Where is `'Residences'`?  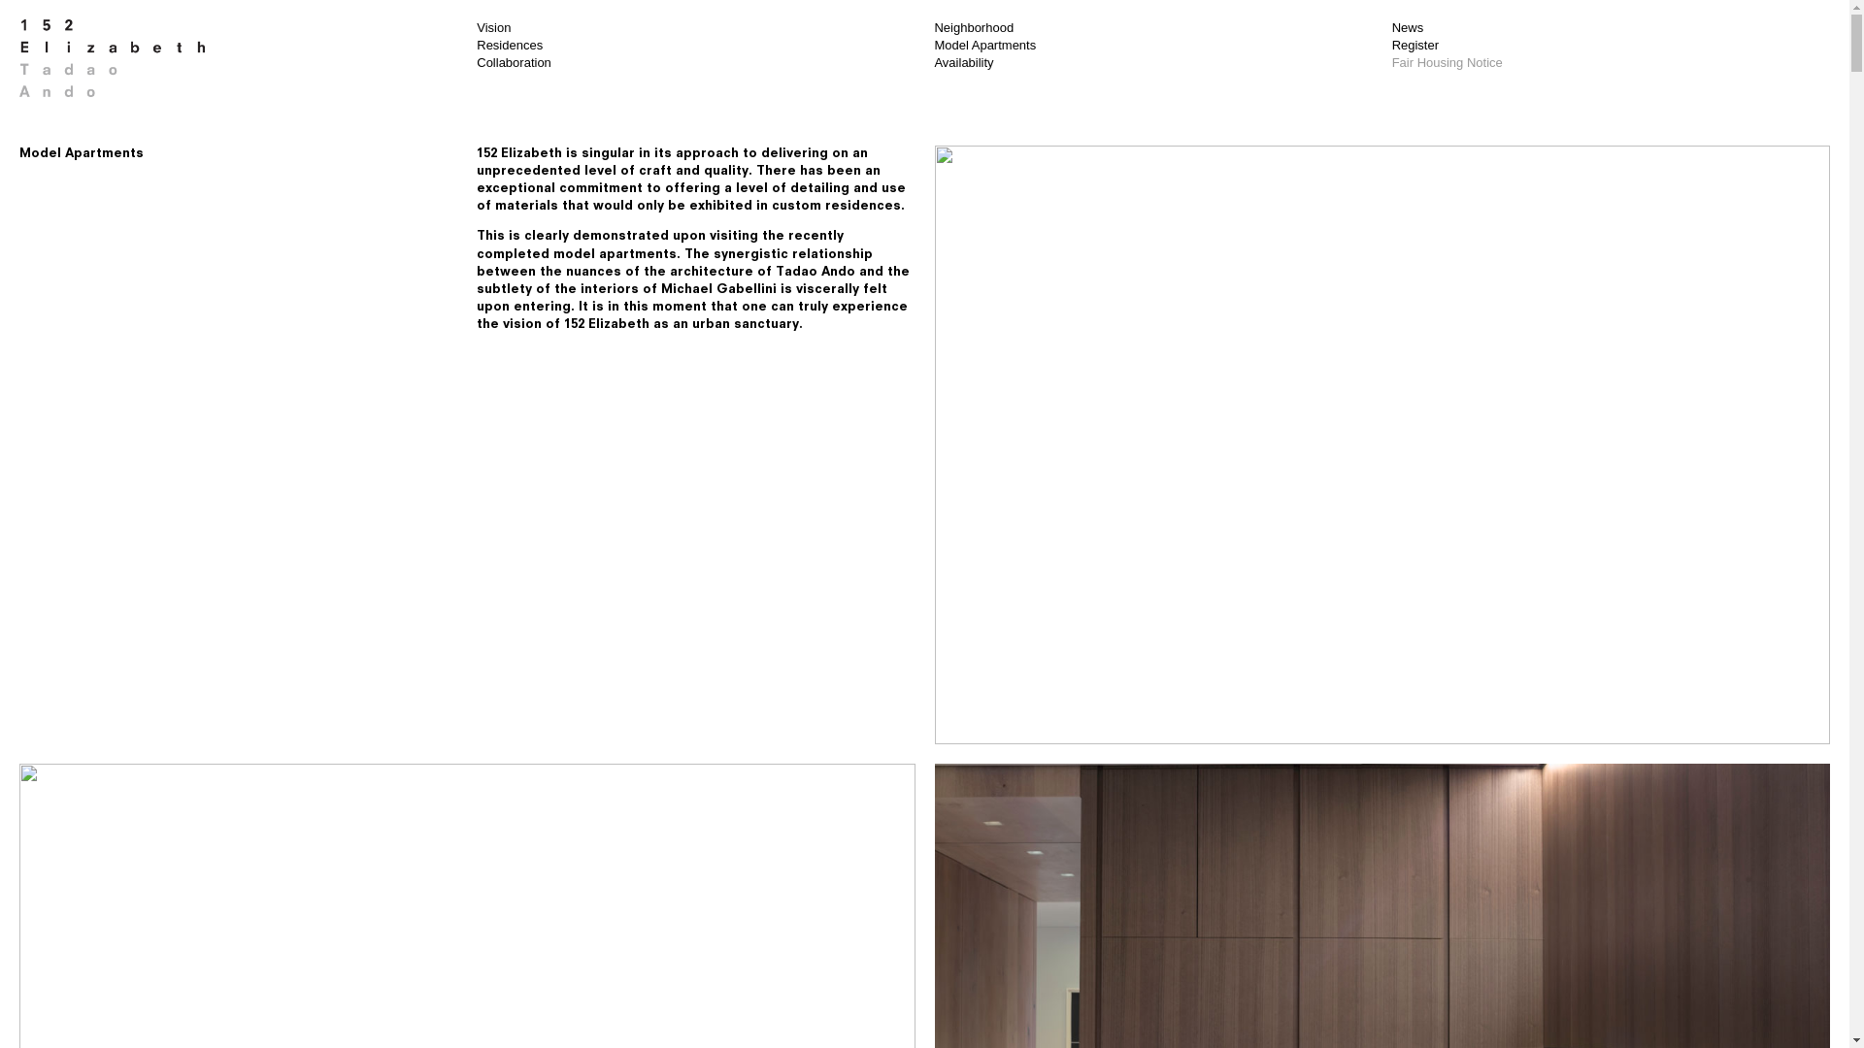 'Residences' is located at coordinates (509, 44).